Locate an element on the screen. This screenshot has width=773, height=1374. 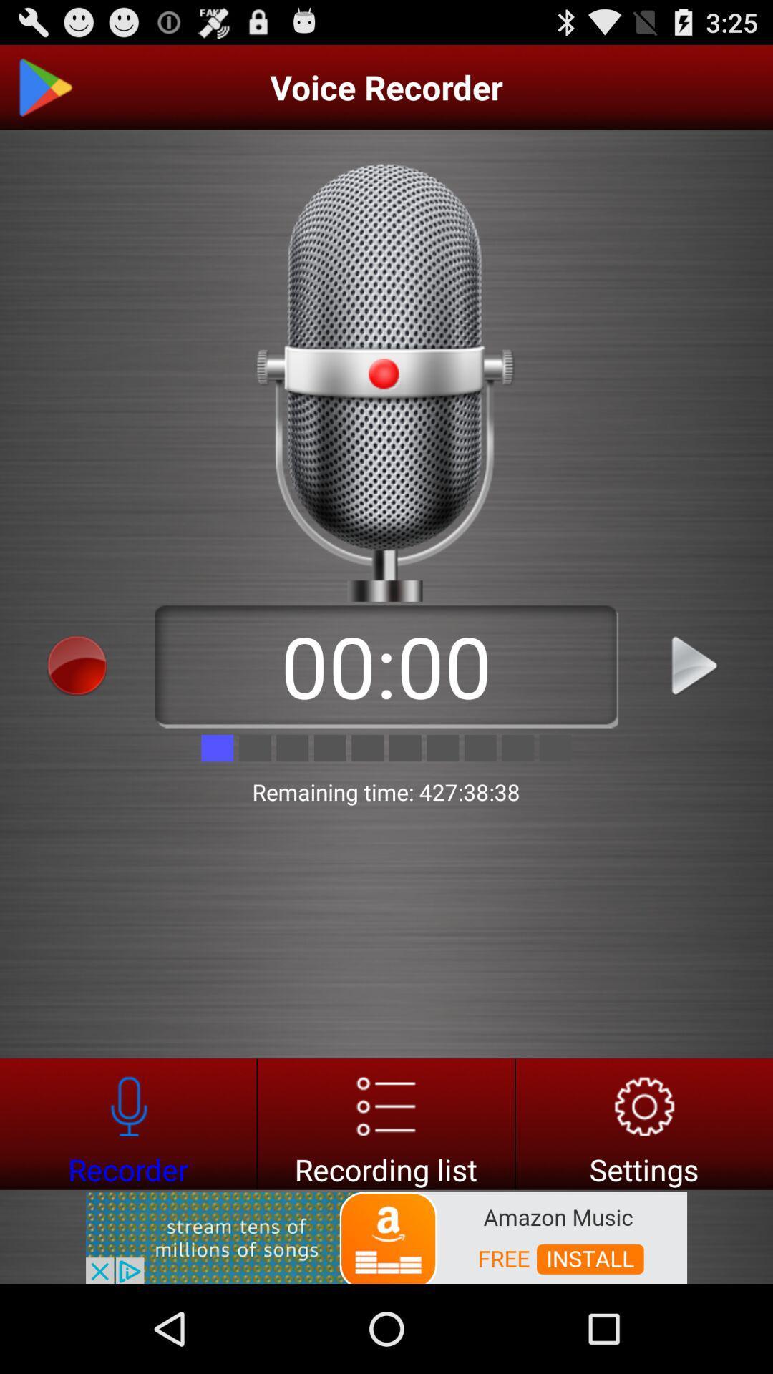
voice increase button is located at coordinates (695, 665).